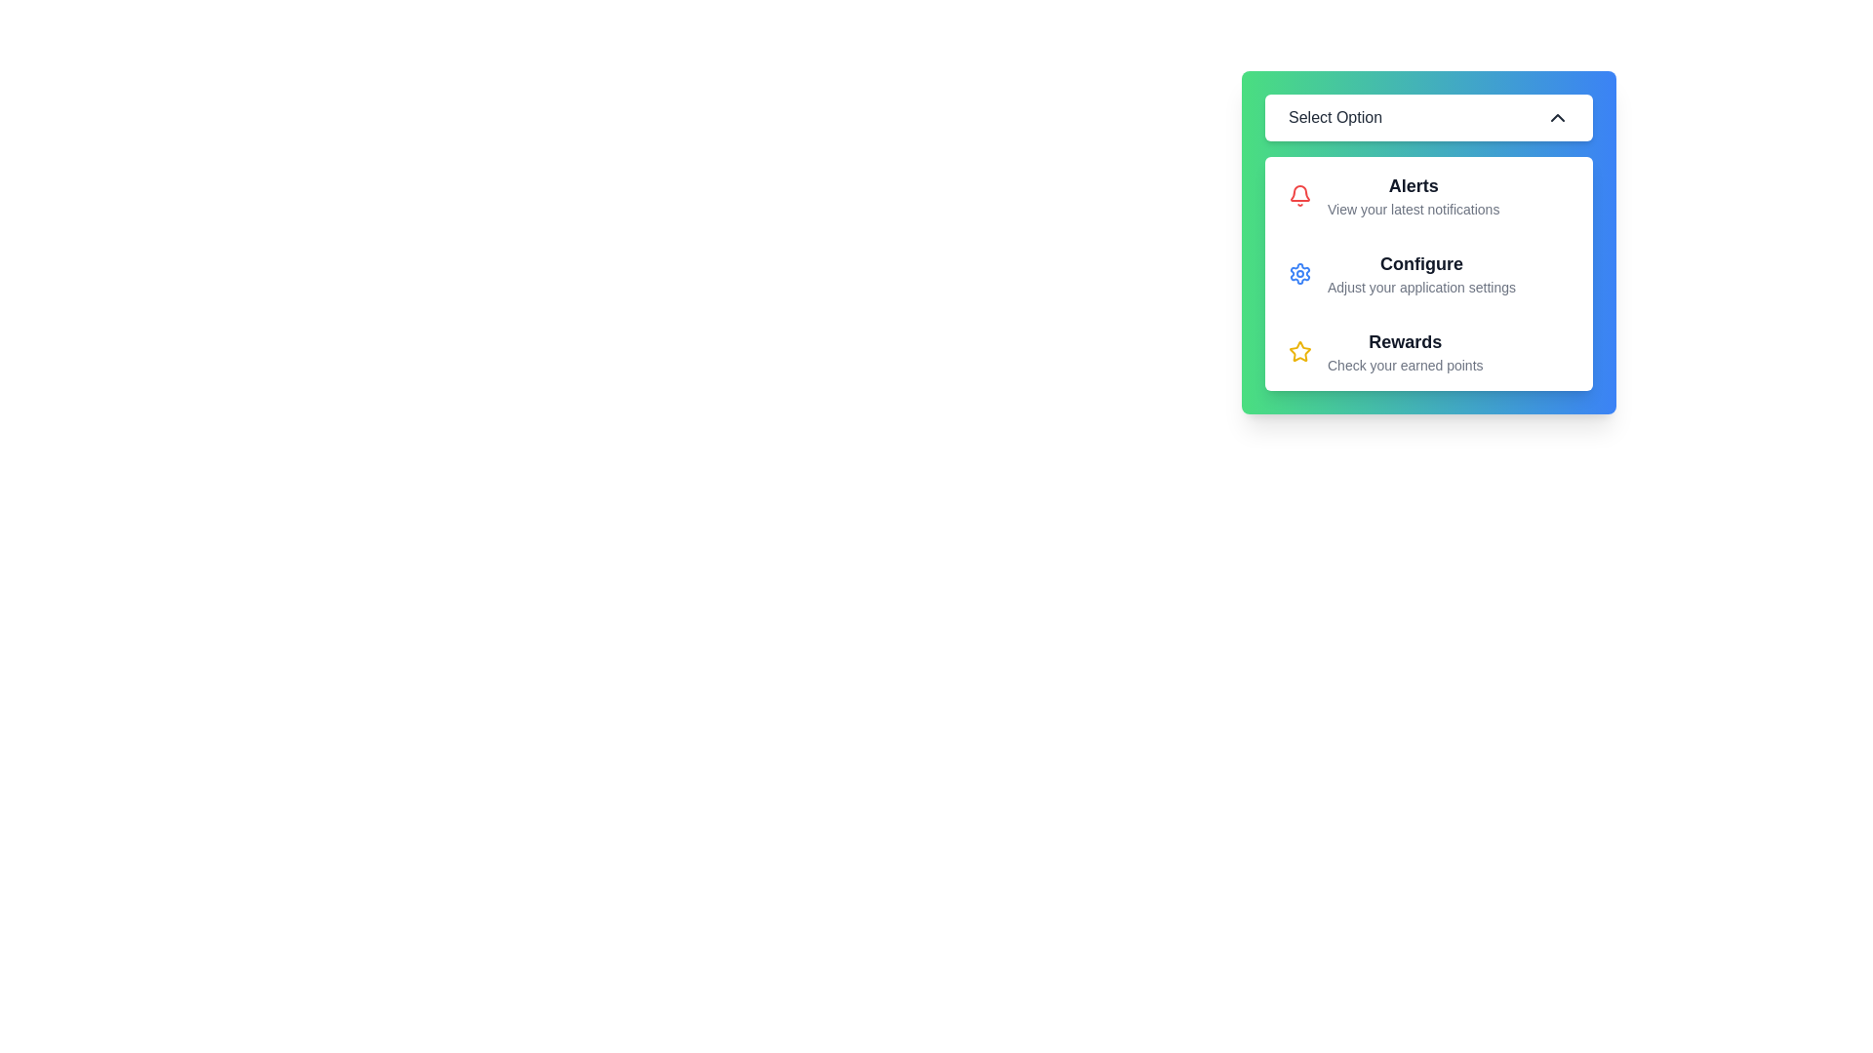 The width and height of the screenshot is (1873, 1053). What do you see at coordinates (1405, 341) in the screenshot?
I see `the 'Rewards' text label element to interact with the associated rewards section in the menu interface` at bounding box center [1405, 341].